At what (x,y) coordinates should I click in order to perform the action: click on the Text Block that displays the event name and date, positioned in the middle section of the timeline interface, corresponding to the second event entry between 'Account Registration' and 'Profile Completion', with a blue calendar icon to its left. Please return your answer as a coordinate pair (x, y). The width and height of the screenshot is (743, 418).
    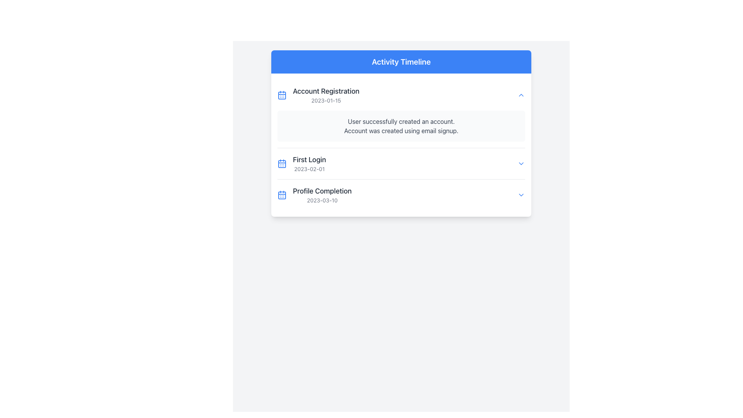
    Looking at the image, I should click on (309, 163).